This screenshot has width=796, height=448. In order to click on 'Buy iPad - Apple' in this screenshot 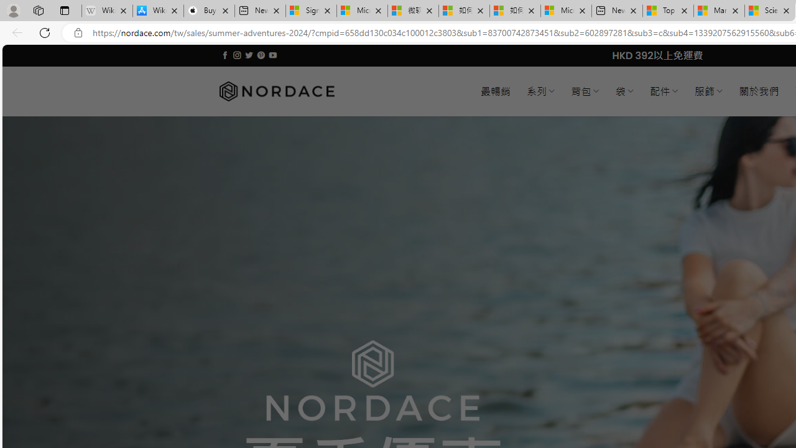, I will do `click(209, 11)`.